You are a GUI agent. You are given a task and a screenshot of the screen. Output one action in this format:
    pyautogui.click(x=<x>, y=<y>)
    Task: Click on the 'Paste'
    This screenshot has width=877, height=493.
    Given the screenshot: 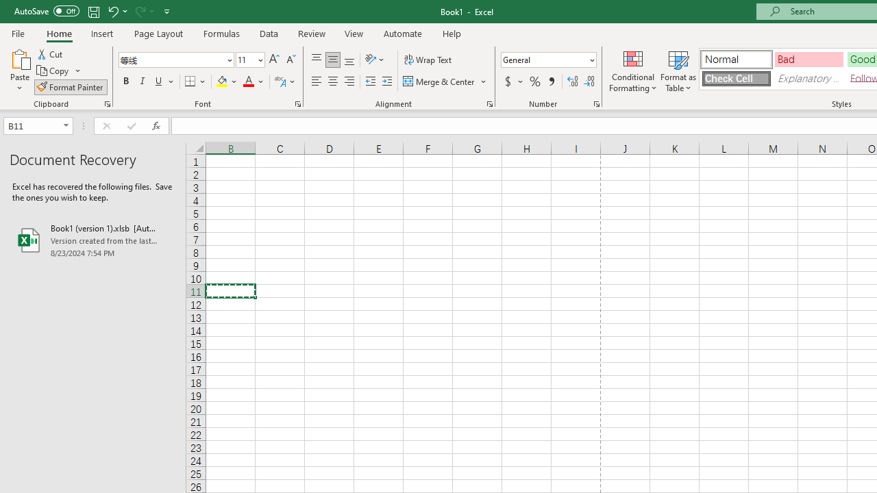 What is the action you would take?
    pyautogui.click(x=19, y=71)
    